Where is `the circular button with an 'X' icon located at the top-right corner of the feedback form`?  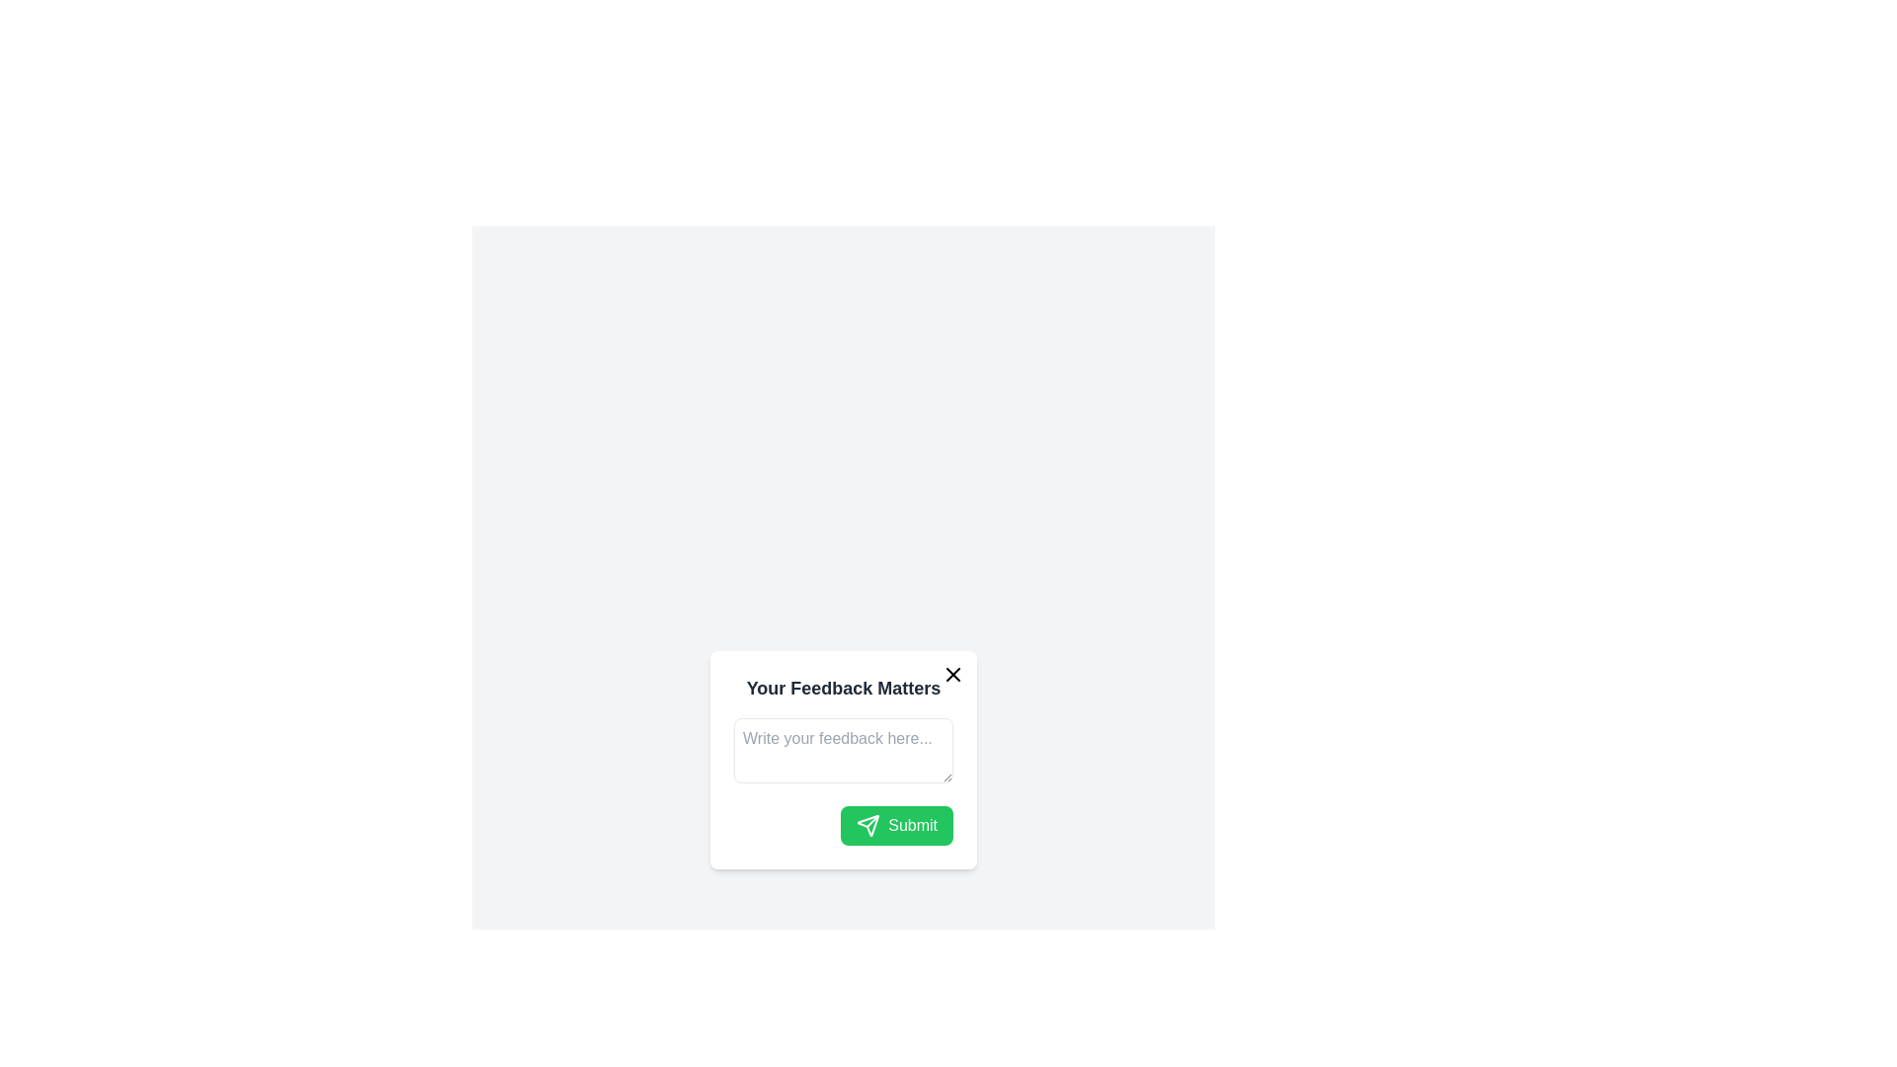 the circular button with an 'X' icon located at the top-right corner of the feedback form is located at coordinates (952, 673).